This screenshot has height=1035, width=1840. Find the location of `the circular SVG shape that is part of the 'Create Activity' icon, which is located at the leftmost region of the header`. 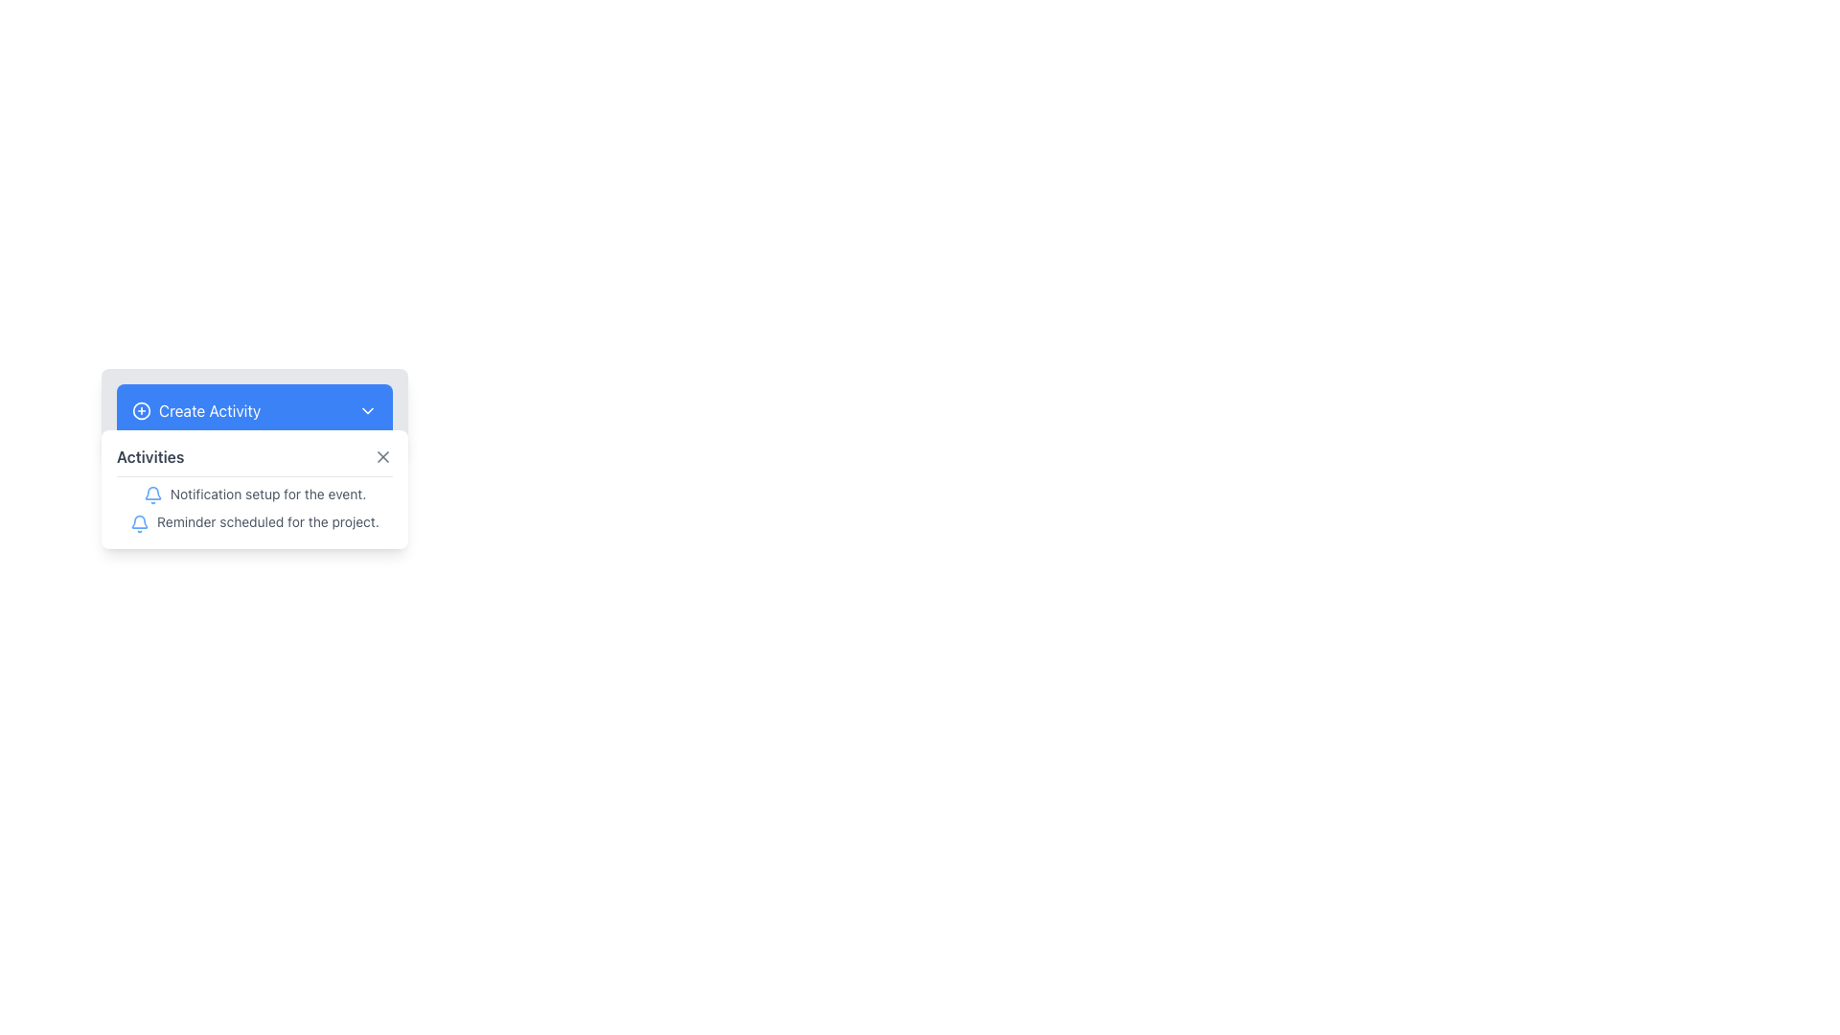

the circular SVG shape that is part of the 'Create Activity' icon, which is located at the leftmost region of the header is located at coordinates (141, 409).